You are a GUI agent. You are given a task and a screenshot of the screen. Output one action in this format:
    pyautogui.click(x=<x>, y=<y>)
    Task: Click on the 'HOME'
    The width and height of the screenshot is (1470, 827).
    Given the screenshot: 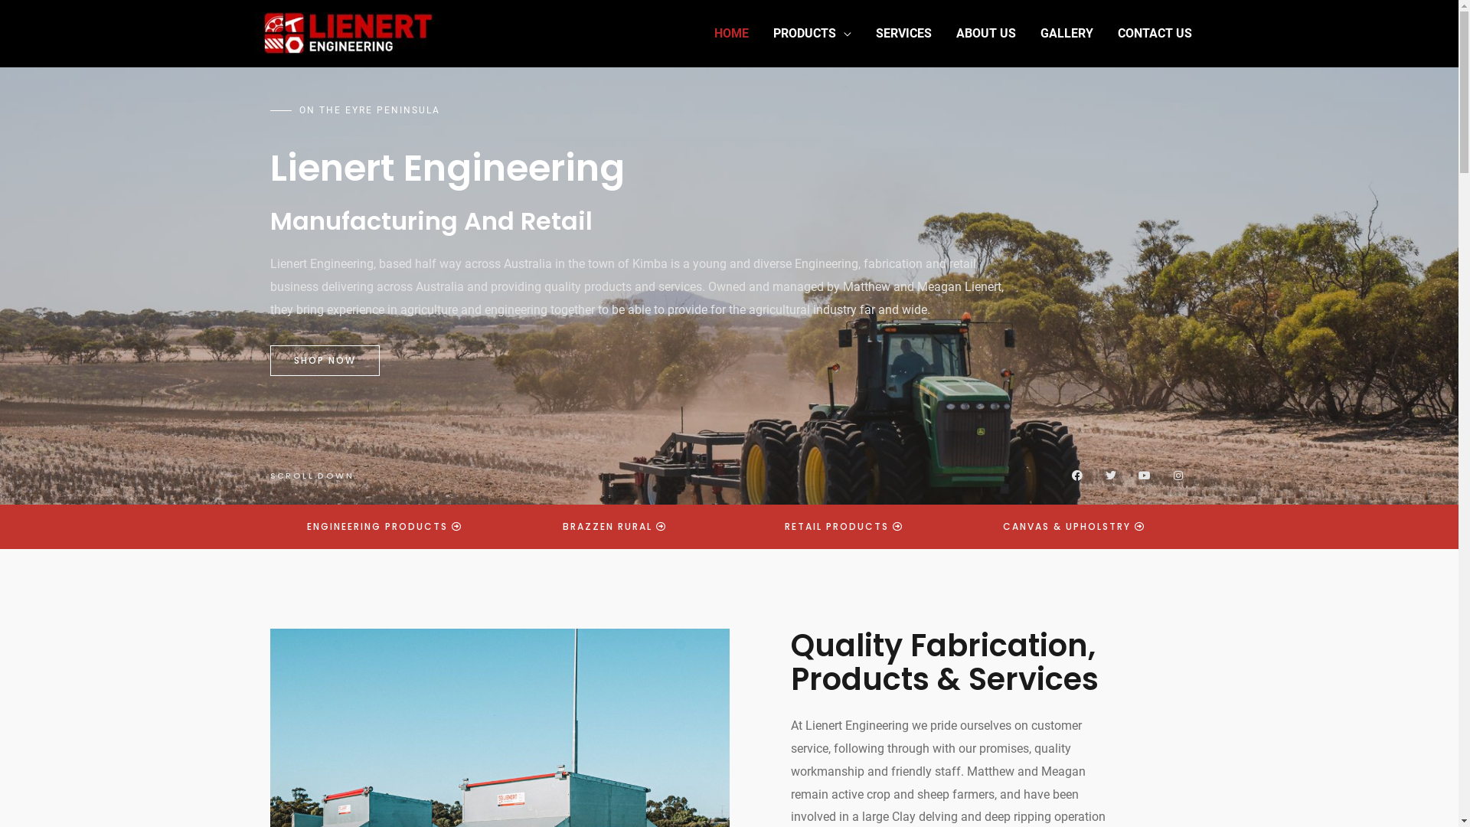 What is the action you would take?
    pyautogui.click(x=730, y=33)
    